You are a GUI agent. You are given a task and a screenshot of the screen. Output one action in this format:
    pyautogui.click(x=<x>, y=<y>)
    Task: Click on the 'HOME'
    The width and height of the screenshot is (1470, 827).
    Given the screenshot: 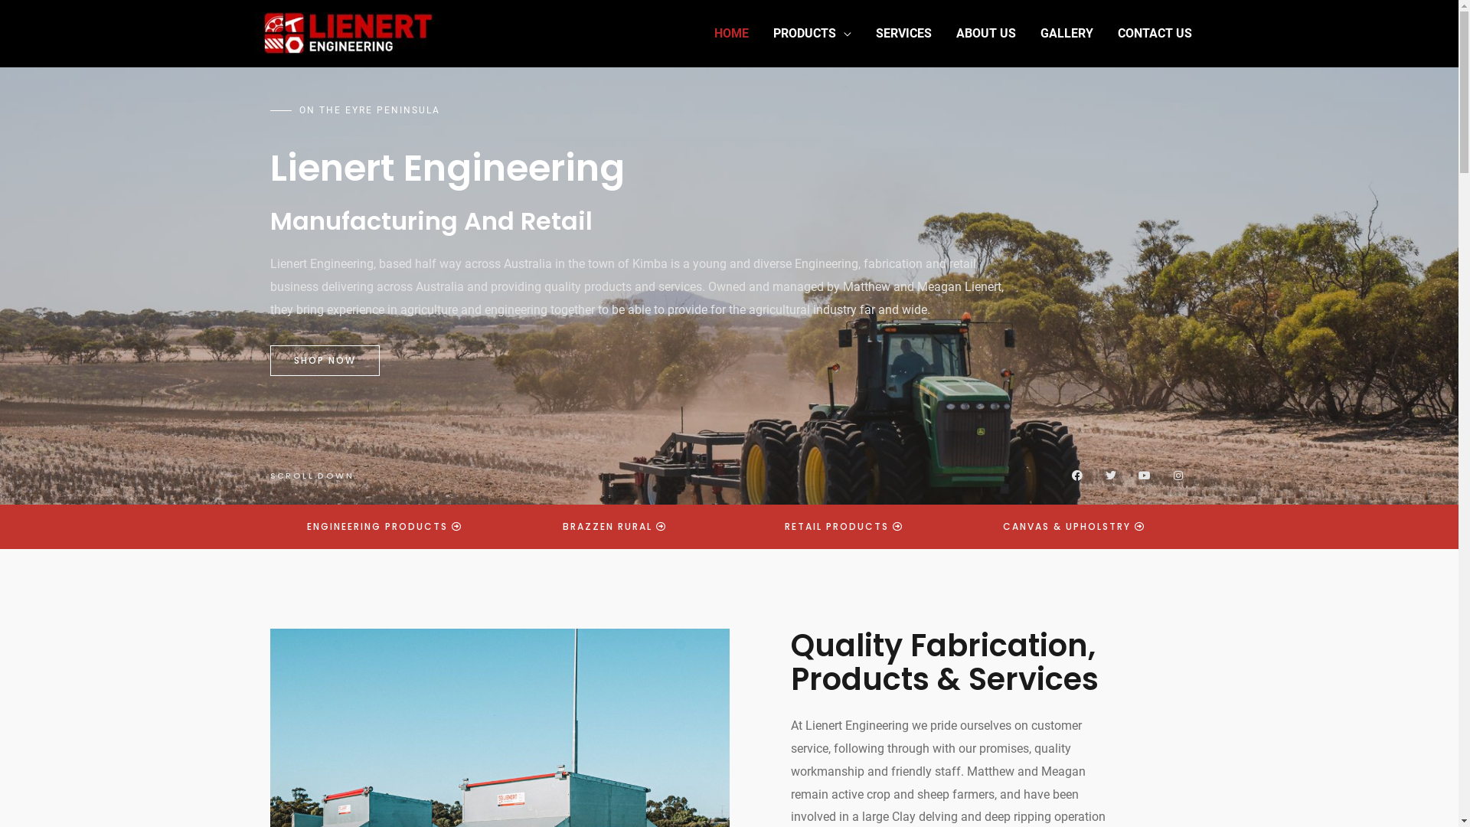 What is the action you would take?
    pyautogui.click(x=730, y=33)
    